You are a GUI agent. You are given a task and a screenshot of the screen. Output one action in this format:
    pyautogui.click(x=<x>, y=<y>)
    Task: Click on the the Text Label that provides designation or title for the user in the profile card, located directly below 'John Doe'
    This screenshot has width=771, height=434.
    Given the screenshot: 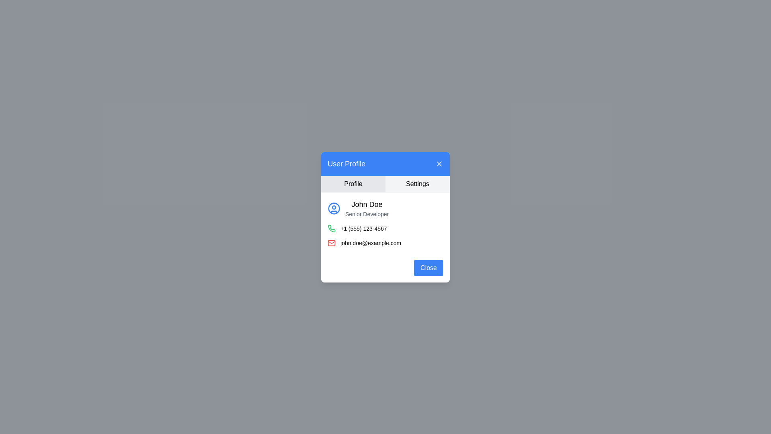 What is the action you would take?
    pyautogui.click(x=367, y=213)
    